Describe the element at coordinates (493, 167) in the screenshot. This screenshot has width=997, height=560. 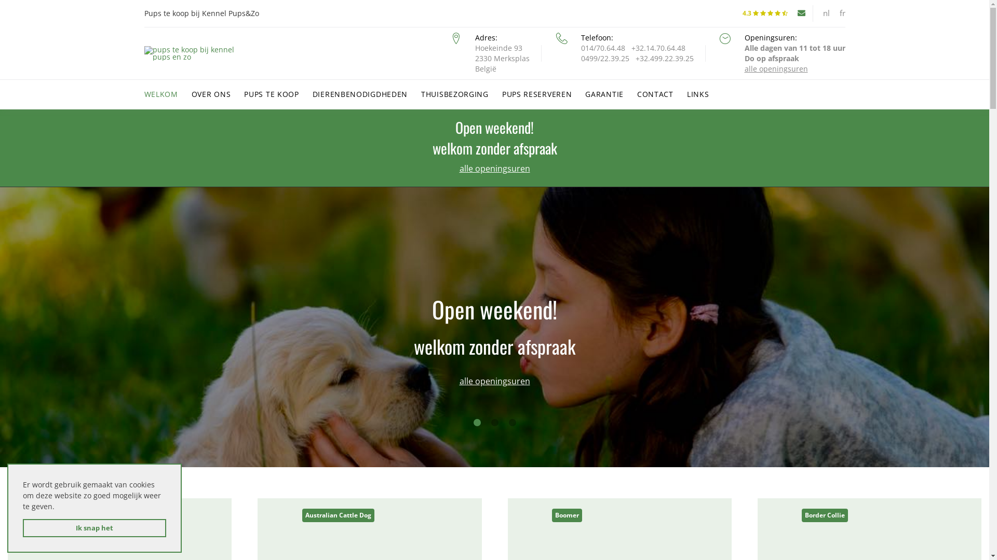
I see `'alle openingsuren'` at that location.